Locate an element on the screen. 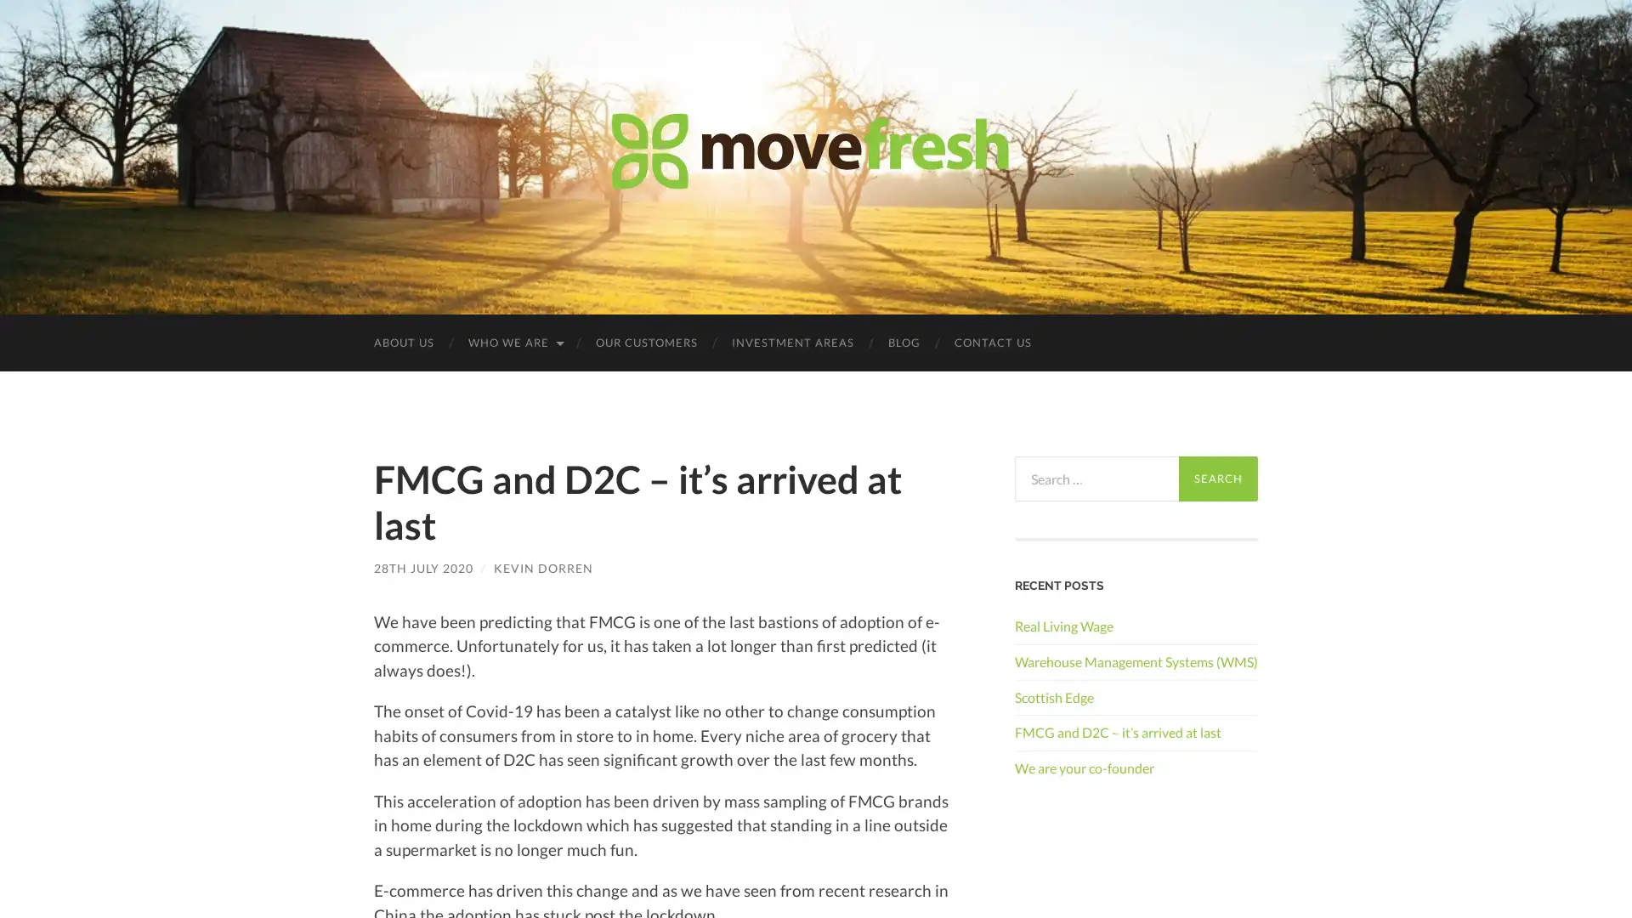 This screenshot has width=1632, height=918. Search is located at coordinates (1217, 479).